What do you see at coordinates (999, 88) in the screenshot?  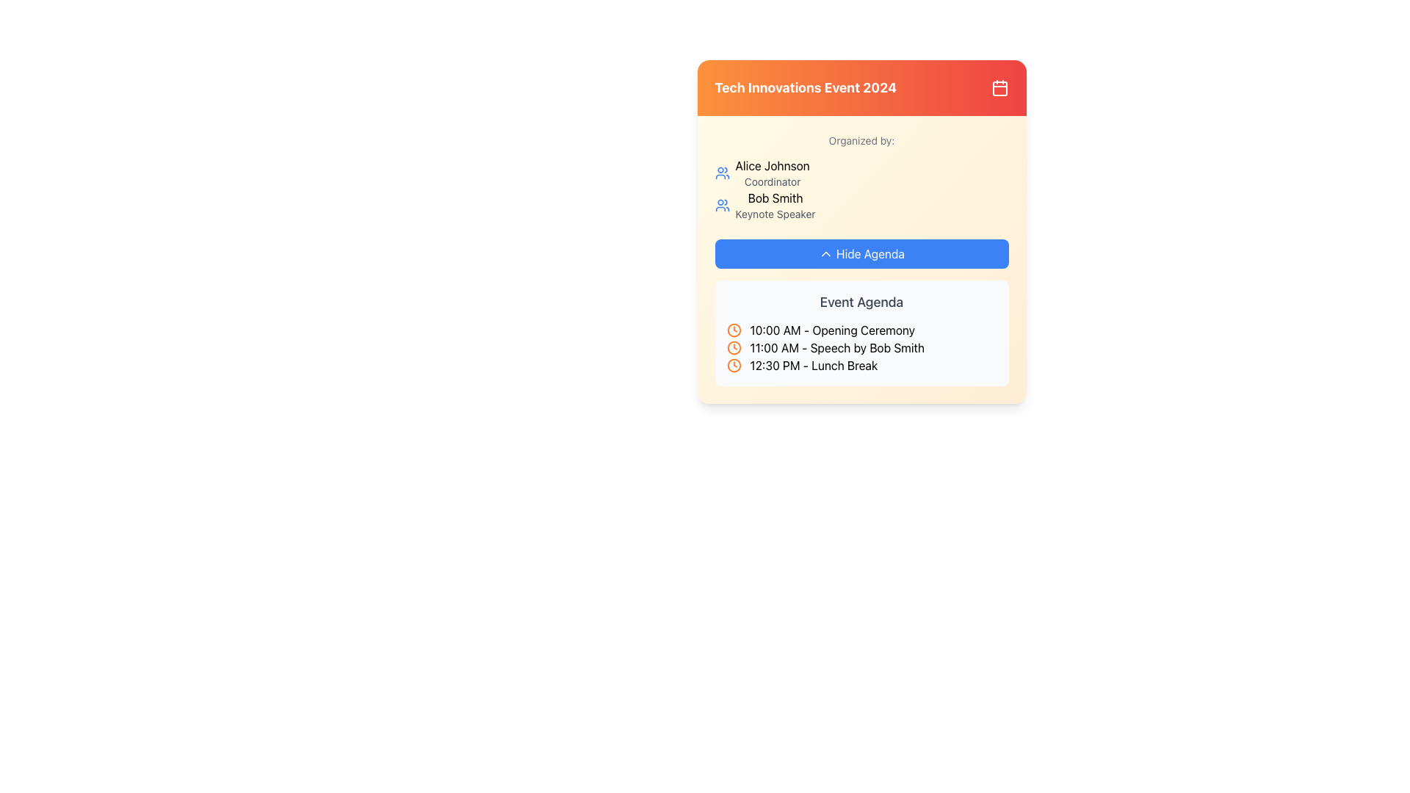 I see `the decorative rectangle within the calendar icon located in the top-right corner of the header section` at bounding box center [999, 88].